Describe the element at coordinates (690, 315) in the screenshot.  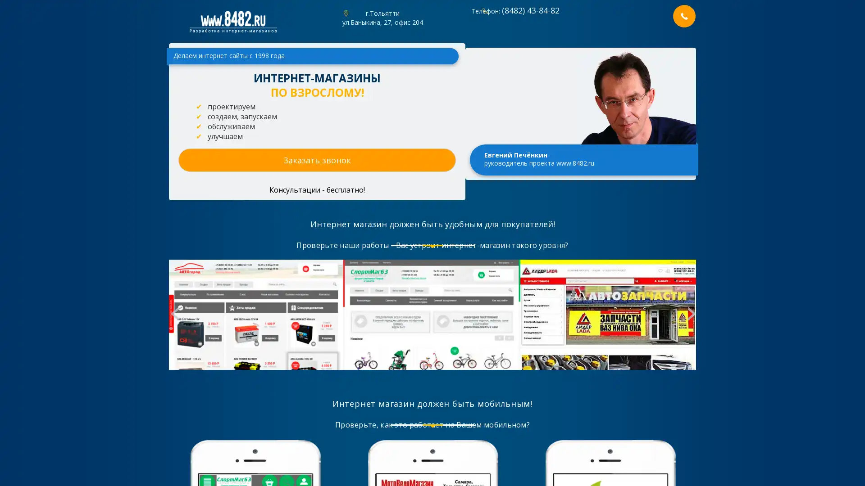
I see `Next` at that location.